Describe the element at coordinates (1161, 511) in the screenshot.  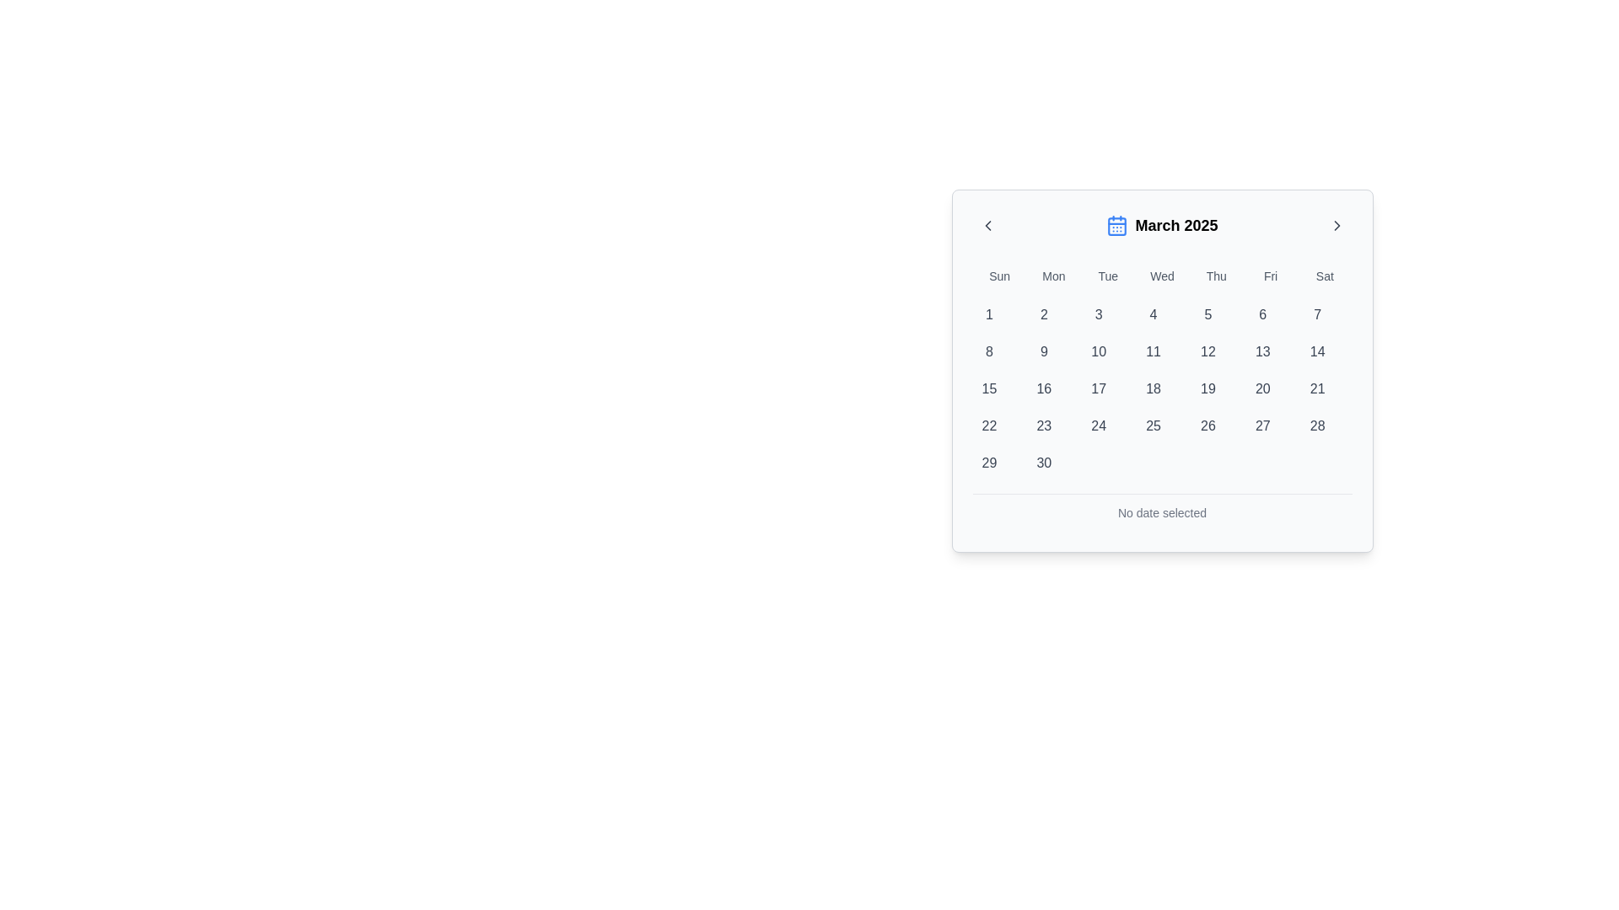
I see `the status indicator text that informs the user that no date has been selected, located at the bottom of the calendar component for March 2025` at that location.